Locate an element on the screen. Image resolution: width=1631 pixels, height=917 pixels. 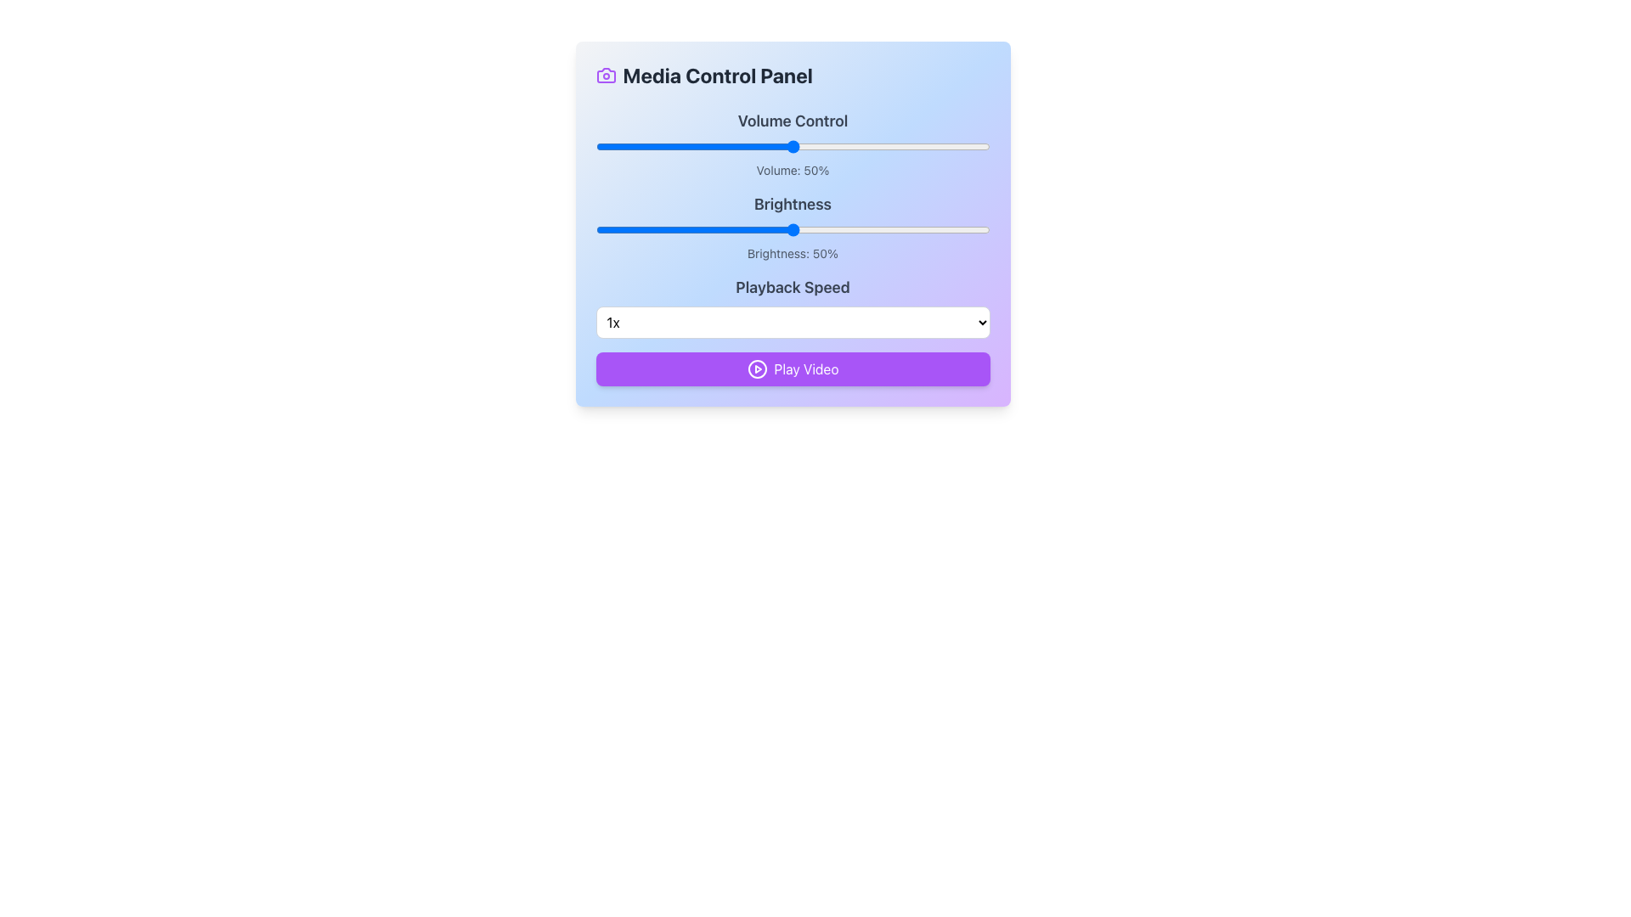
brightness is located at coordinates (638, 229).